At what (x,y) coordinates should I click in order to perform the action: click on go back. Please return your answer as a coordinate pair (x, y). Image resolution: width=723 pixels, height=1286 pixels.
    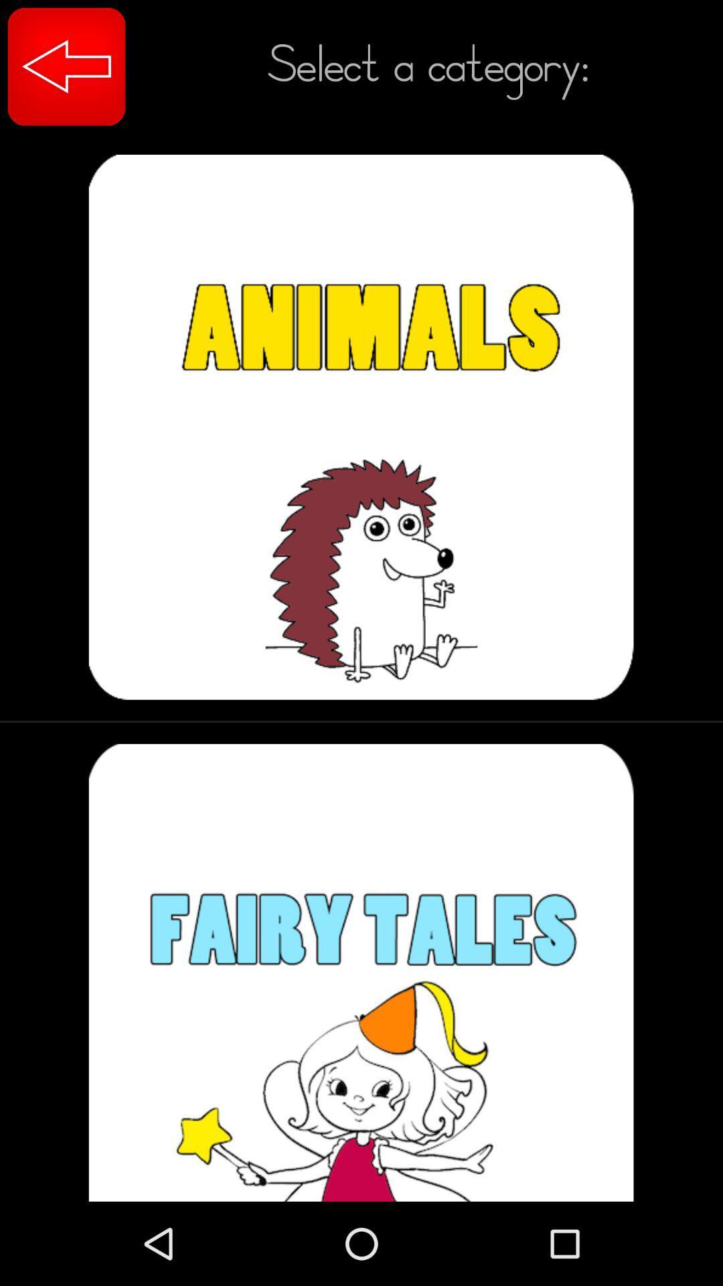
    Looking at the image, I should click on (66, 66).